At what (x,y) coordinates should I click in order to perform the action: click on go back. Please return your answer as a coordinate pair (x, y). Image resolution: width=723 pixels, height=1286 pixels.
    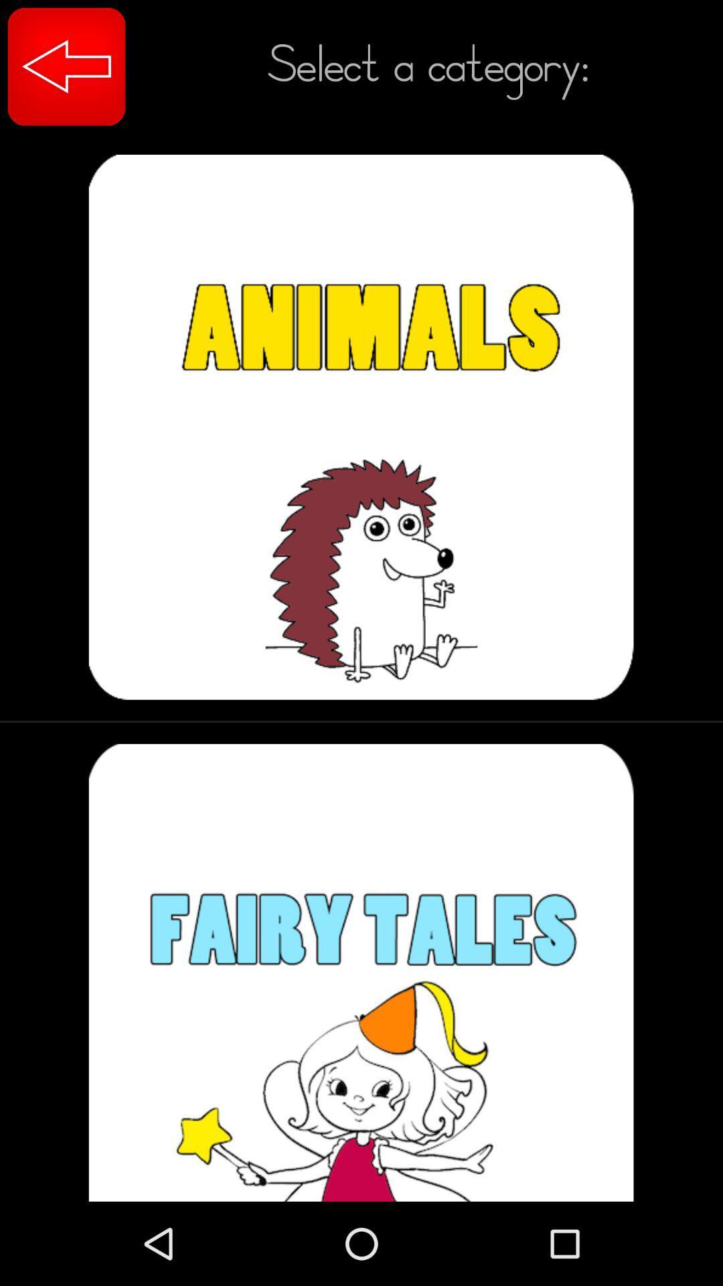
    Looking at the image, I should click on (66, 66).